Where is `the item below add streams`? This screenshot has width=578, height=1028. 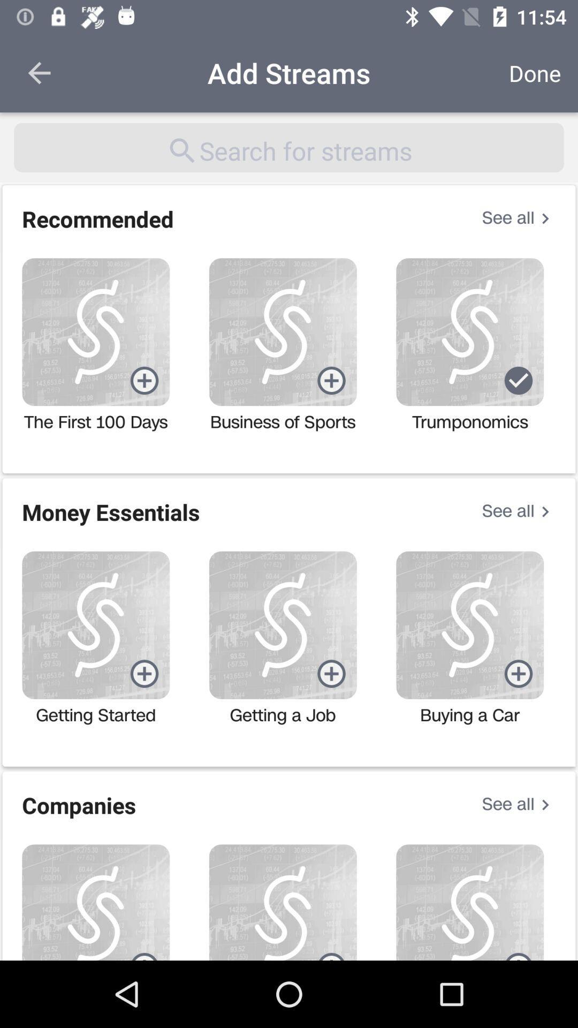
the item below add streams is located at coordinates (289, 147).